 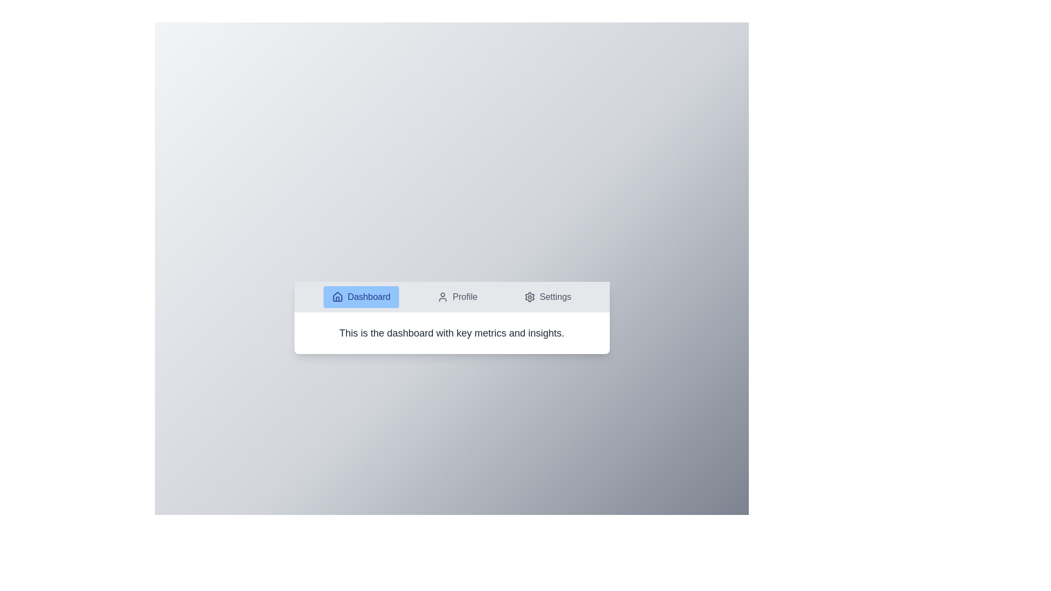 I want to click on the Dashboard tab, so click(x=361, y=297).